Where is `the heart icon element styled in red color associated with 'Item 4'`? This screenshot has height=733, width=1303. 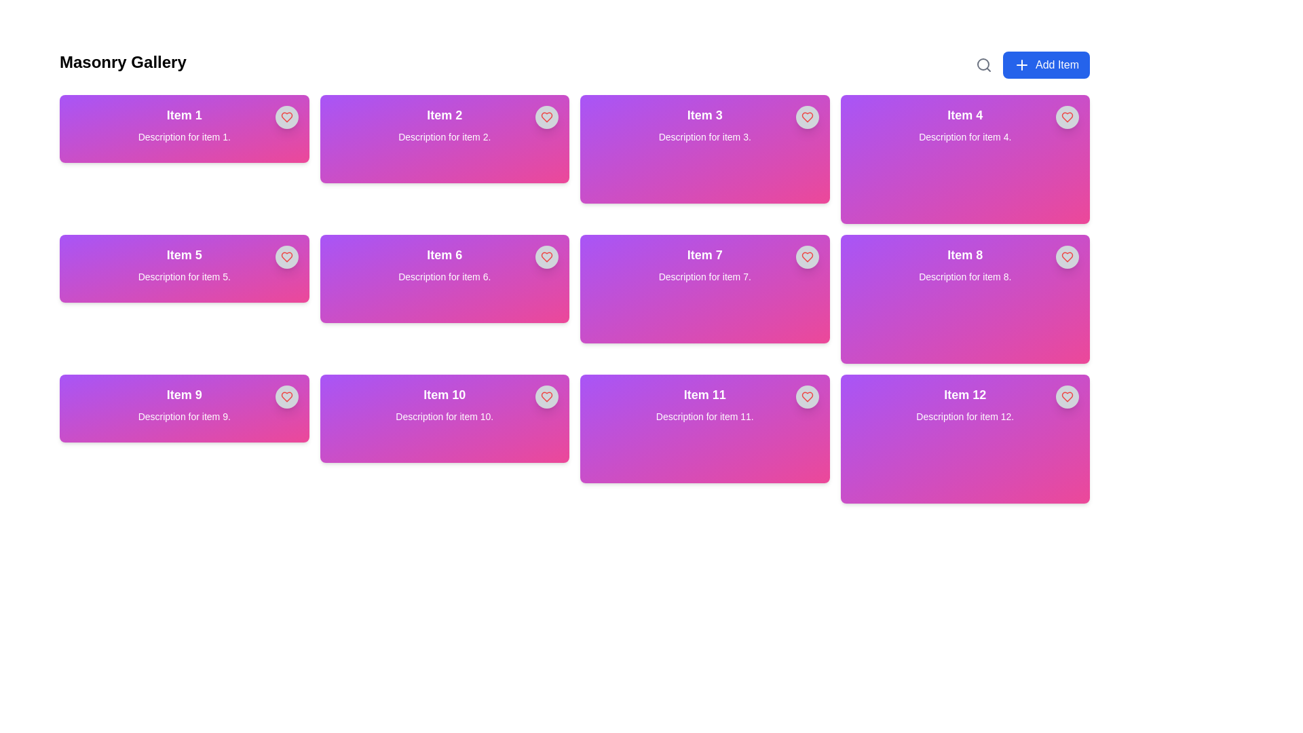 the heart icon element styled in red color associated with 'Item 4' is located at coordinates (1067, 257).